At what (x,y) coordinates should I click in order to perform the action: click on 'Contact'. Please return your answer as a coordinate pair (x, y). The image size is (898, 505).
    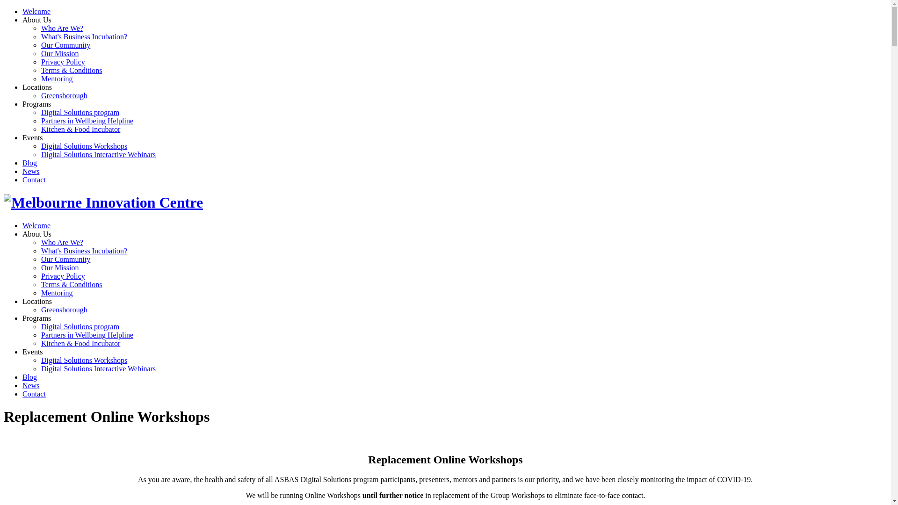
    Looking at the image, I should click on (34, 394).